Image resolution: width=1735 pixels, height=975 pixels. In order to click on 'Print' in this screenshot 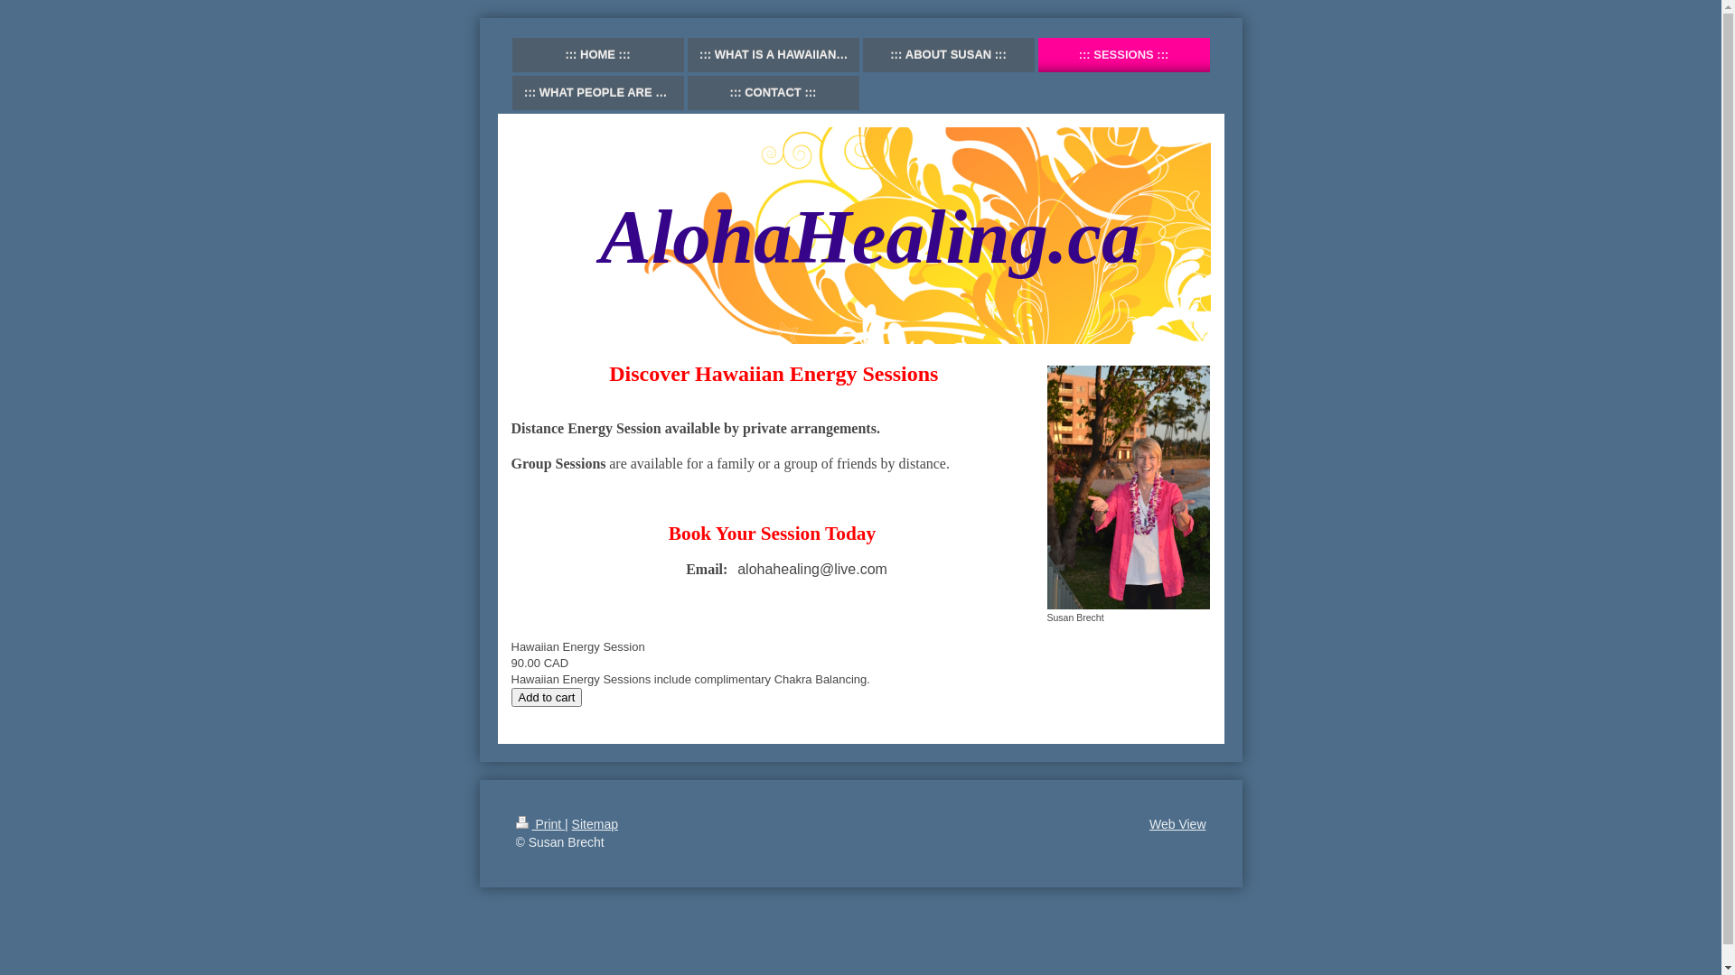, I will do `click(539, 824)`.